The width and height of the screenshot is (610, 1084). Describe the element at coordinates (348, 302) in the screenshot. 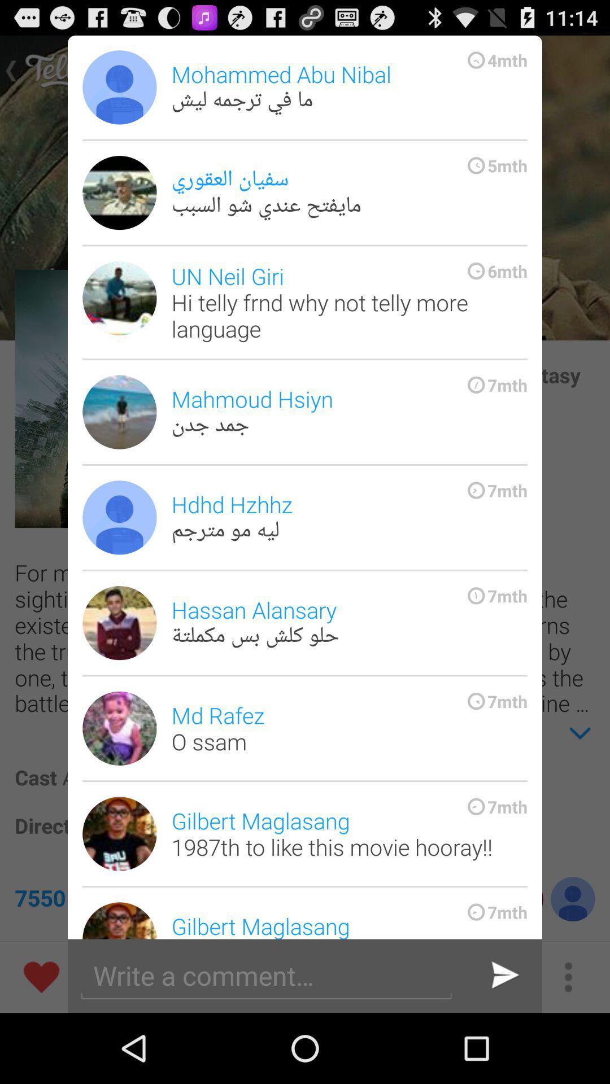

I see `the un neil giri item` at that location.